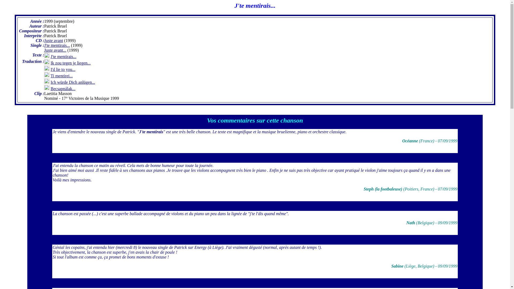 The width and height of the screenshot is (514, 289). I want to click on 'J'te mentirais...', so click(63, 56).